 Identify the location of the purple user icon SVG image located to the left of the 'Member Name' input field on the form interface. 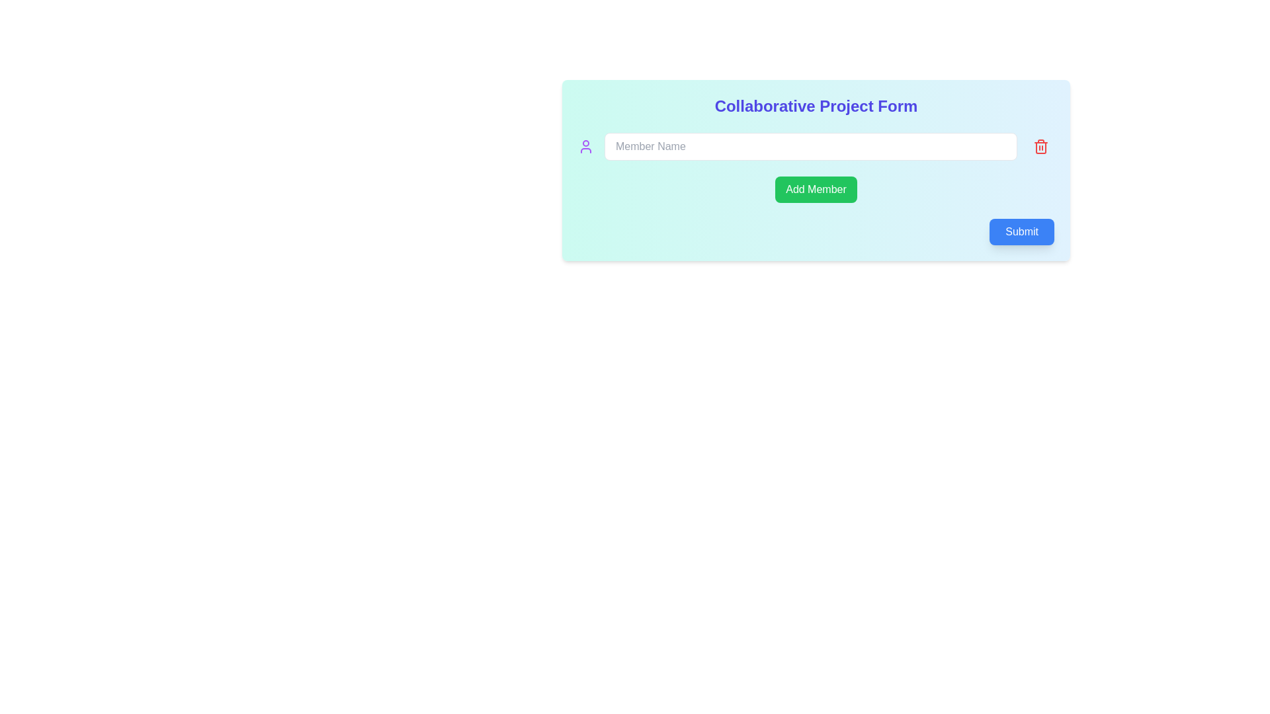
(585, 147).